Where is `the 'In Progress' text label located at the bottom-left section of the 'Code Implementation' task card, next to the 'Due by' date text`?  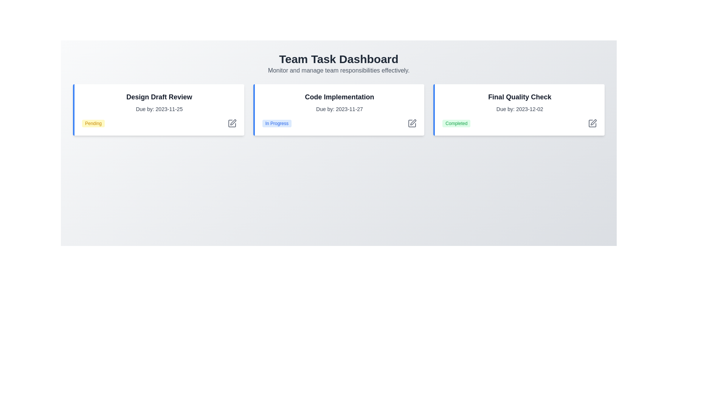 the 'In Progress' text label located at the bottom-left section of the 'Code Implementation' task card, next to the 'Due by' date text is located at coordinates (276, 123).